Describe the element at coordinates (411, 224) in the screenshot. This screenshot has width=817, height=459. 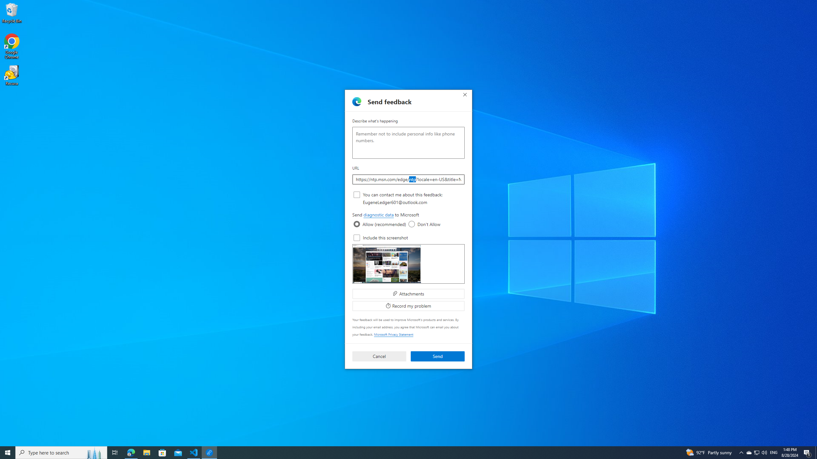
I see `'diagnostic data'` at that location.